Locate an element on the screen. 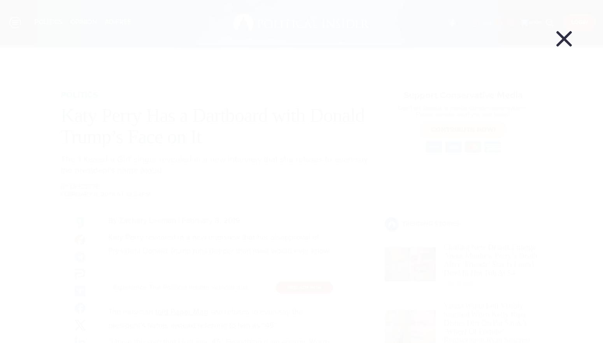 This screenshot has height=343, width=603. 'Please donate what you can today!' is located at coordinates (463, 114).